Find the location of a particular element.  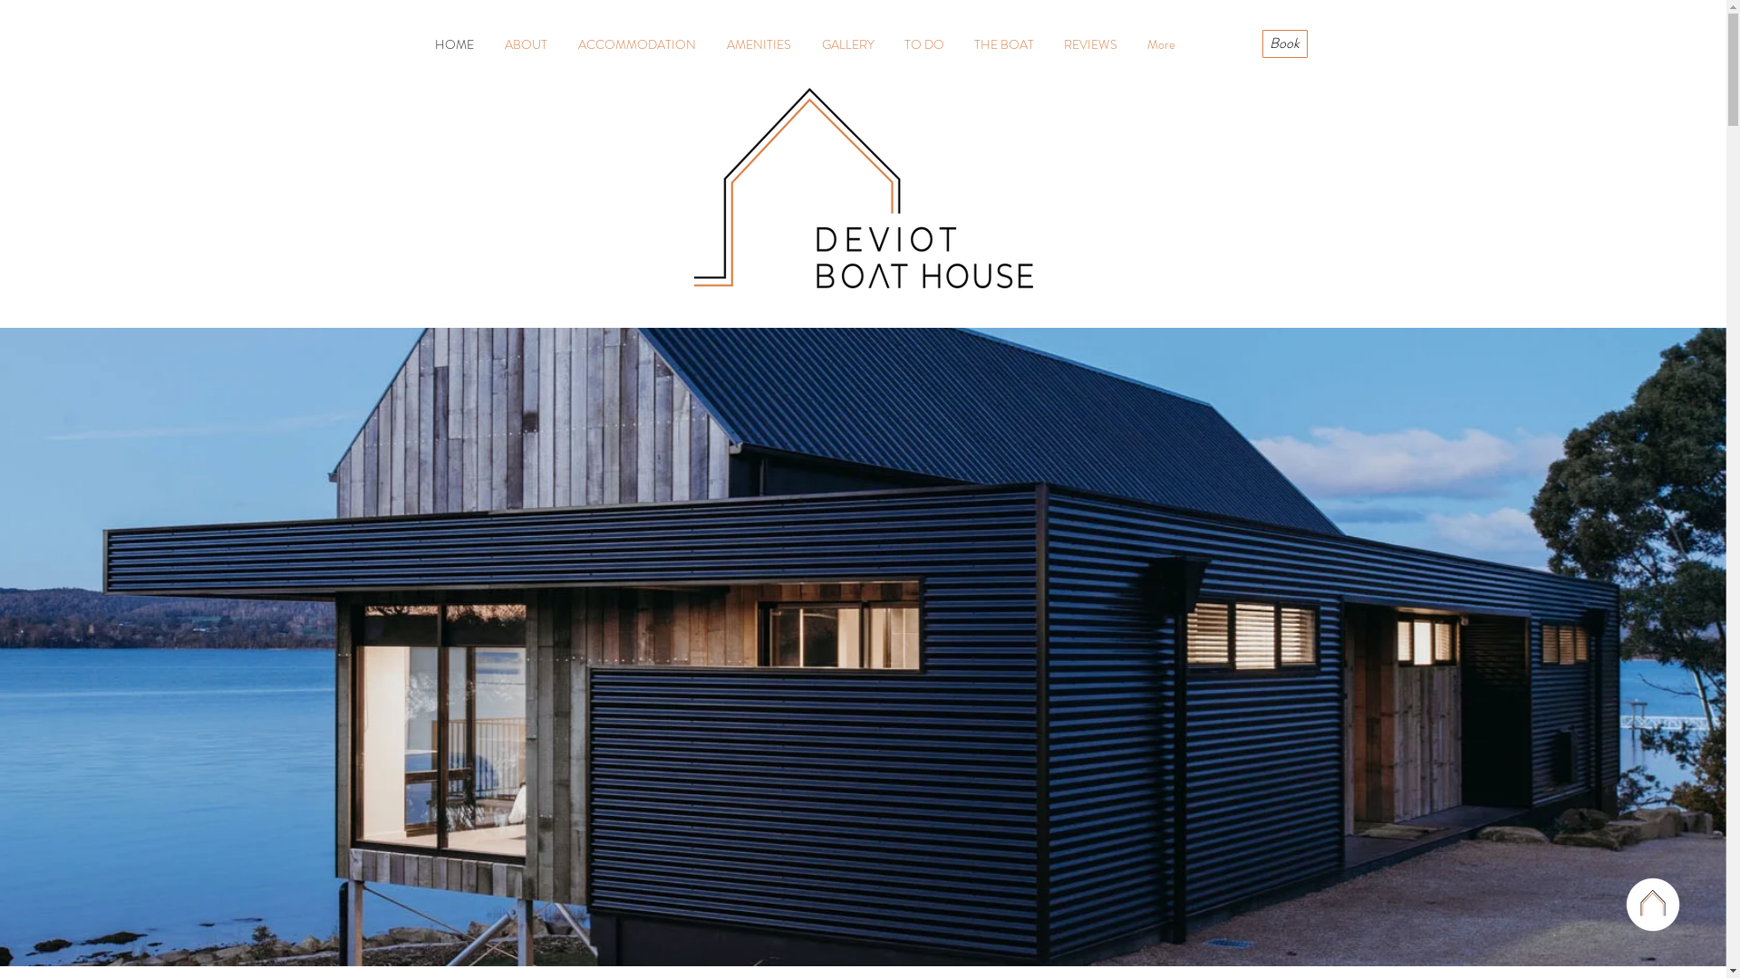

'HOME' is located at coordinates (453, 43).